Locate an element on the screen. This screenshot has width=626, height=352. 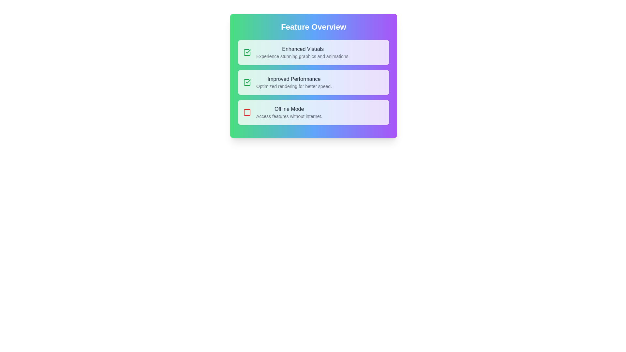
the feature item titled 'Improved Performance' to inspect its details is located at coordinates (313, 82).